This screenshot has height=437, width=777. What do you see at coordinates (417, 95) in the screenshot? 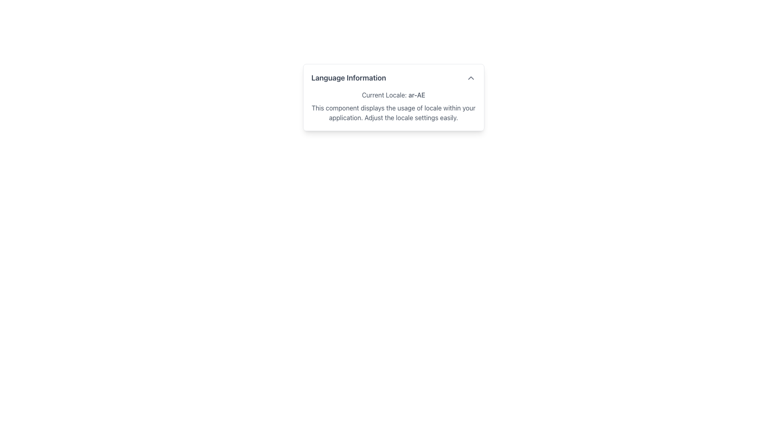
I see `the static text displaying the current locale setting, which is found in the 'Language Information' section and follows the label 'Current Locale:'` at bounding box center [417, 95].